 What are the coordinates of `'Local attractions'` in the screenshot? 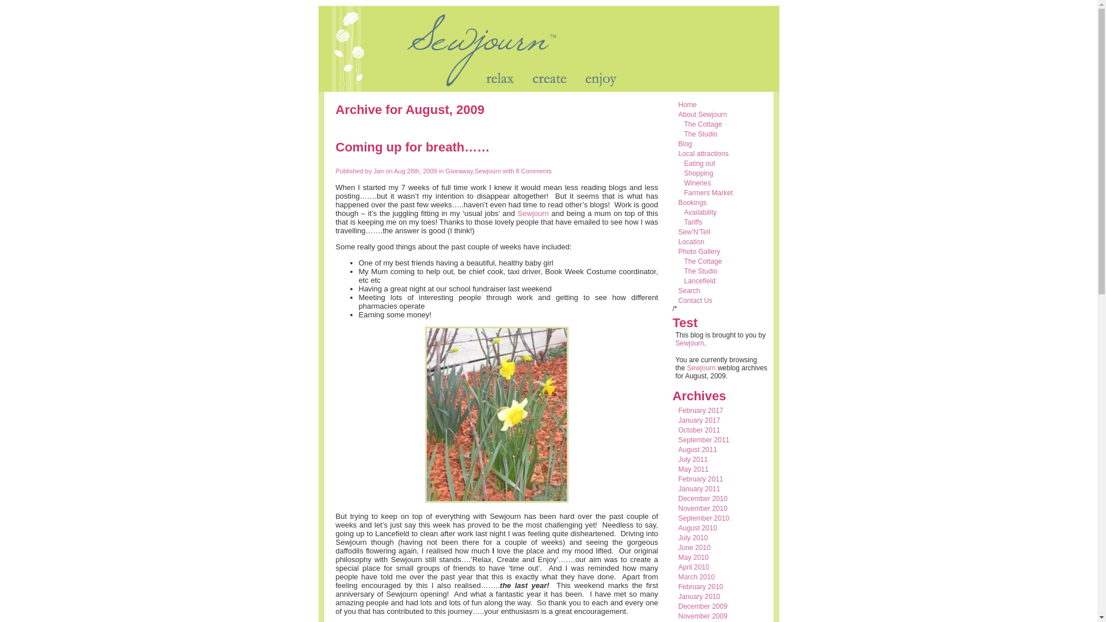 It's located at (703, 153).